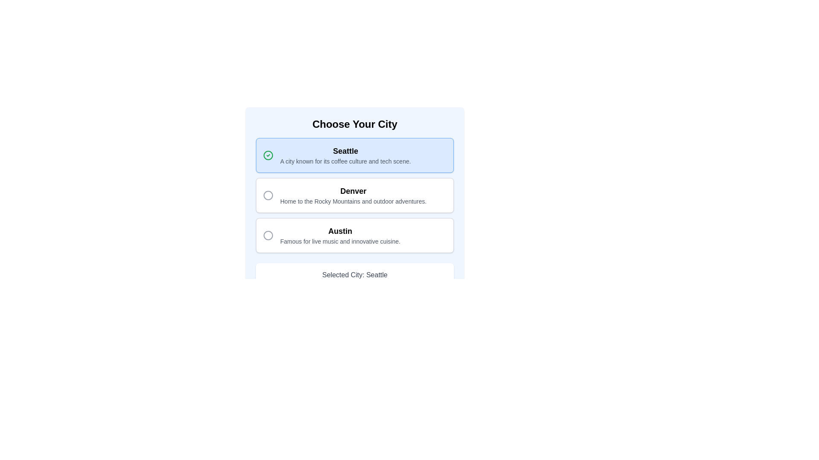  Describe the element at coordinates (353, 195) in the screenshot. I see `text content of the selectable city option 'Denver' in the vertical list of city choices` at that location.